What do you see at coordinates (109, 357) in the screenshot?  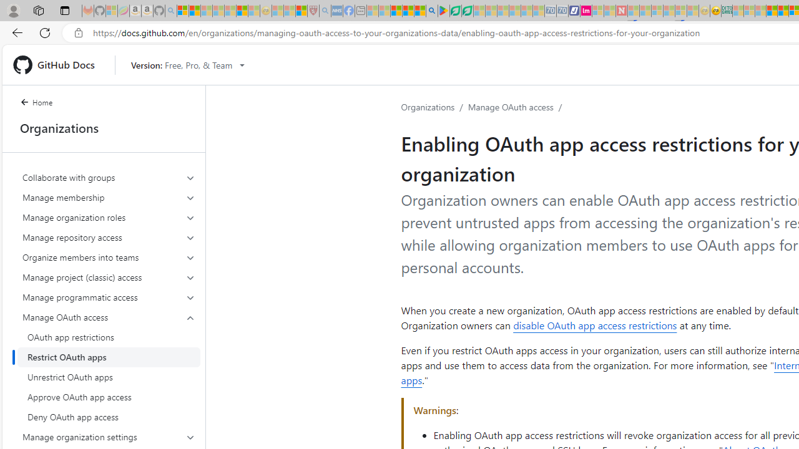 I see `'Restrict OAuth apps'` at bounding box center [109, 357].